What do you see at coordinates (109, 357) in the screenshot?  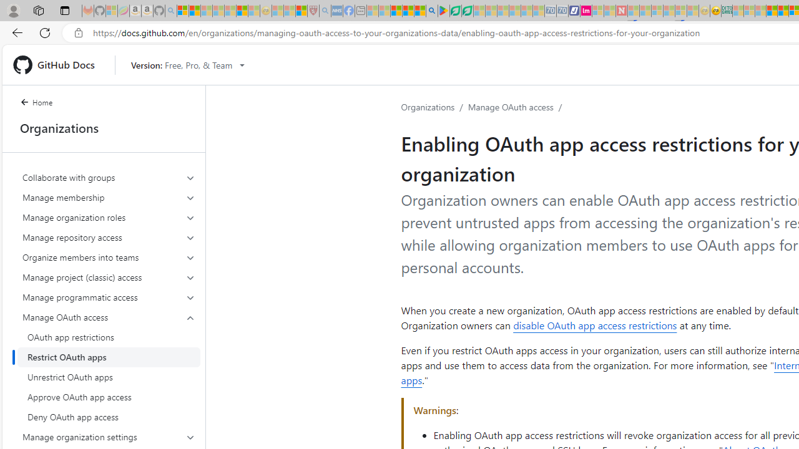 I see `'Restrict OAuth apps'` at bounding box center [109, 357].